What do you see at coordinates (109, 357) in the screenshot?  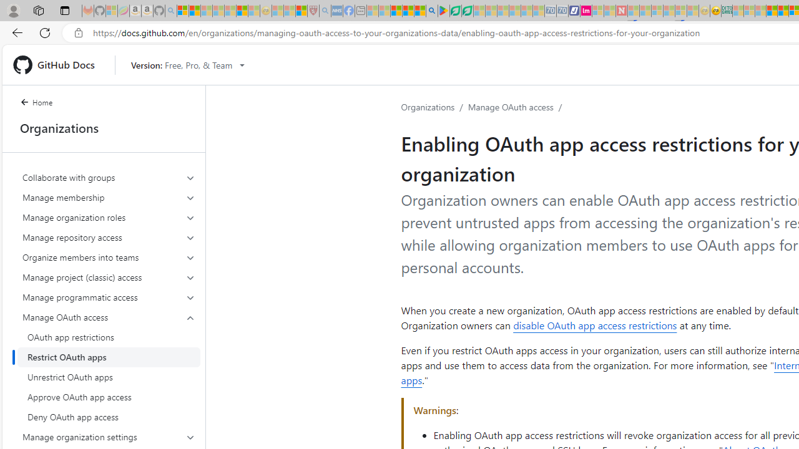 I see `'Restrict OAuth apps'` at bounding box center [109, 357].